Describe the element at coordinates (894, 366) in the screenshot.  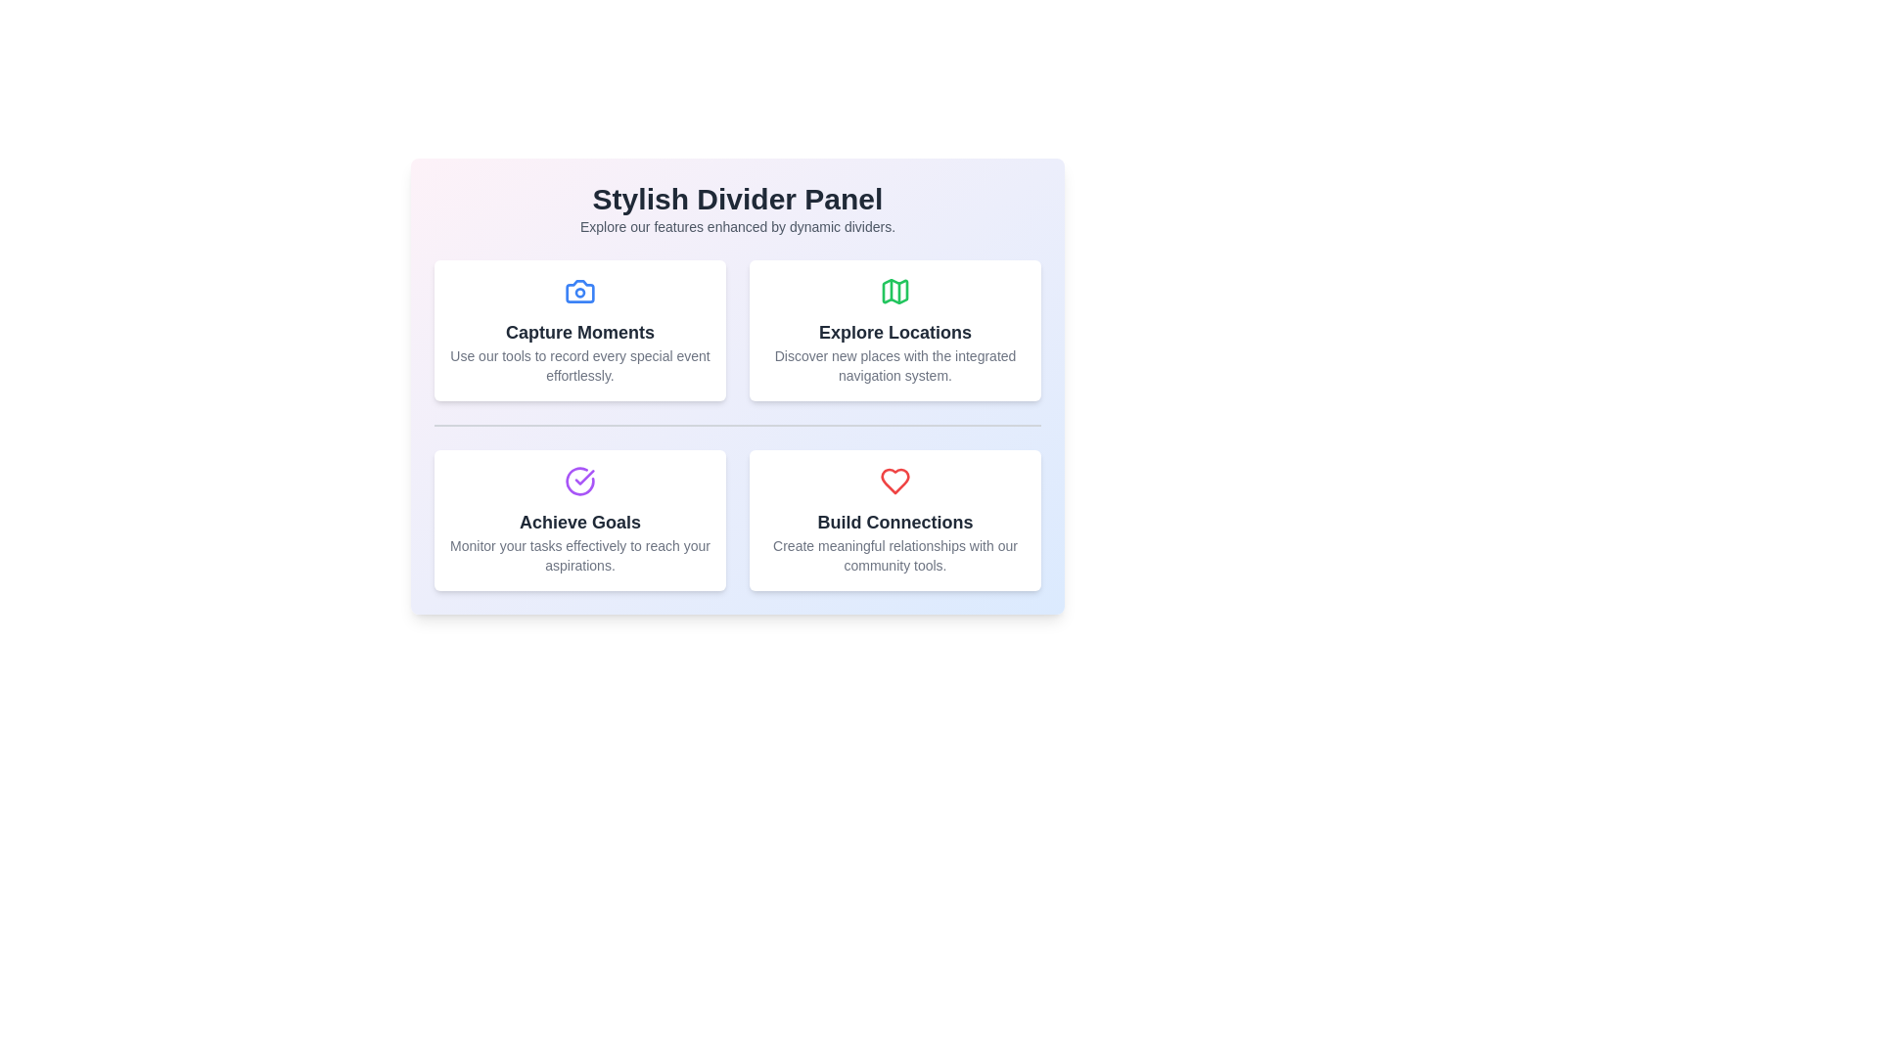
I see `the descriptive text about the 'Explore Locations' feature located beneath the heading 'Explore Locations' in the second card of the top row for copying or processing` at that location.